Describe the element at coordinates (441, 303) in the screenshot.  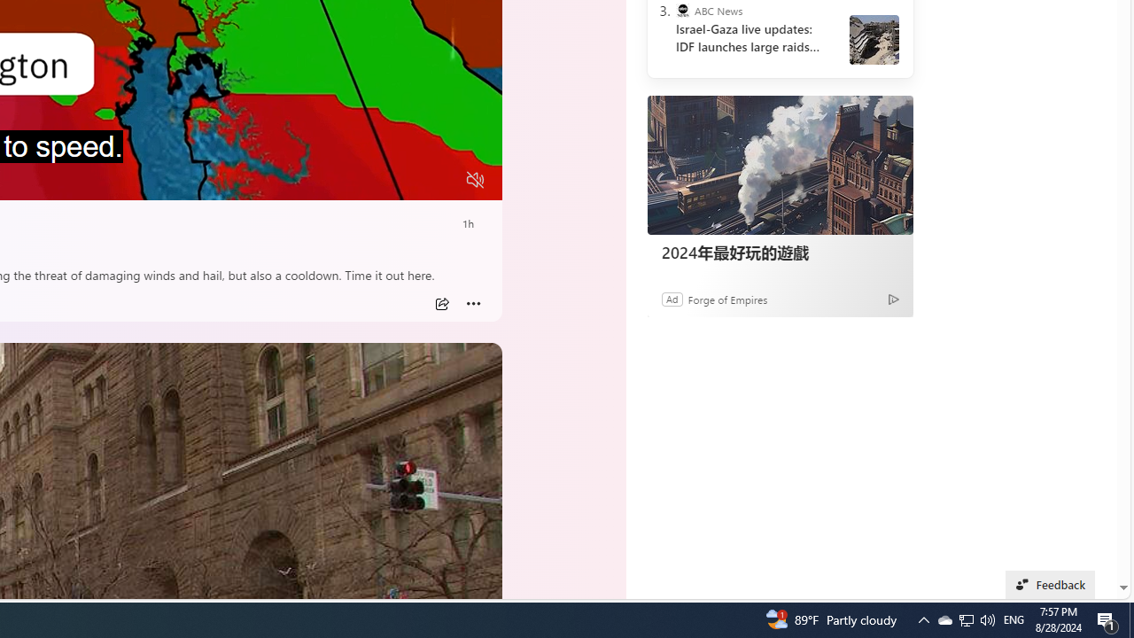
I see `'Share'` at that location.